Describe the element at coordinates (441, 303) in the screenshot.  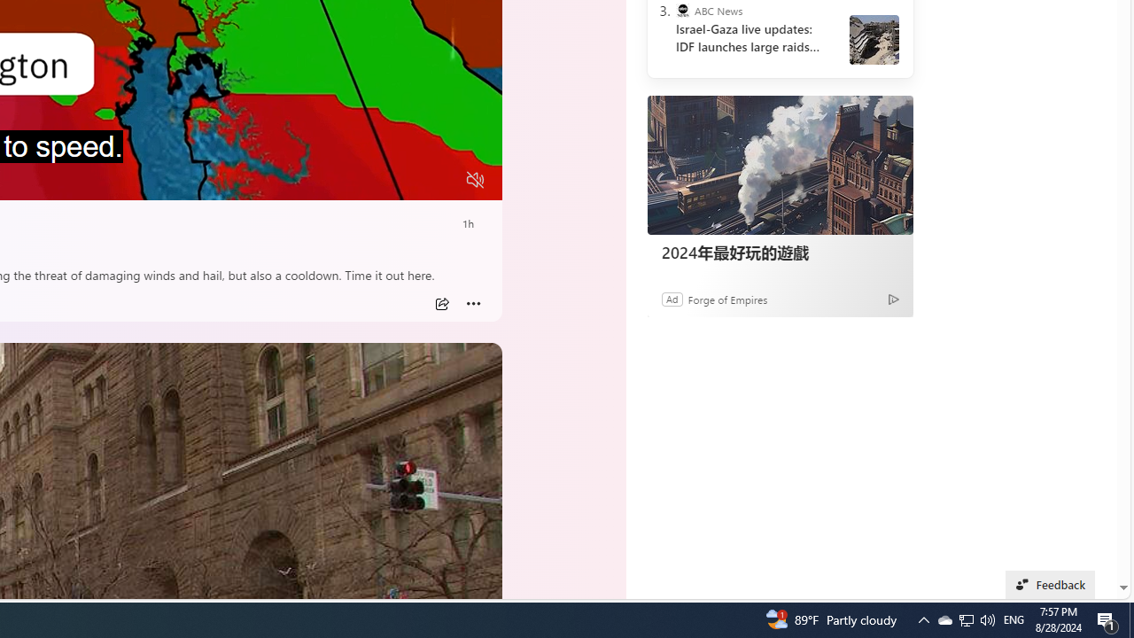
I see `'Share'` at that location.